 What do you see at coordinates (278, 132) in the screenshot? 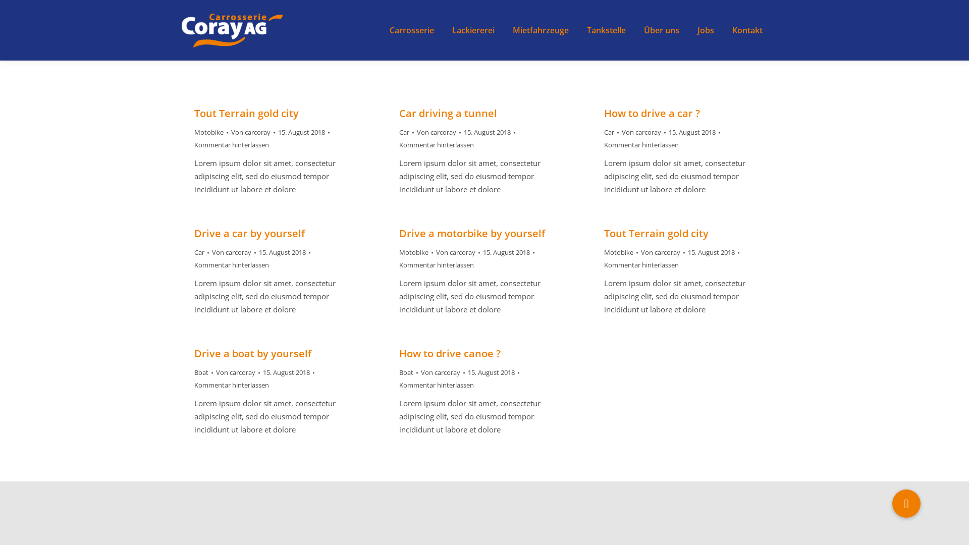
I see `'15. August 2018'` at bounding box center [278, 132].